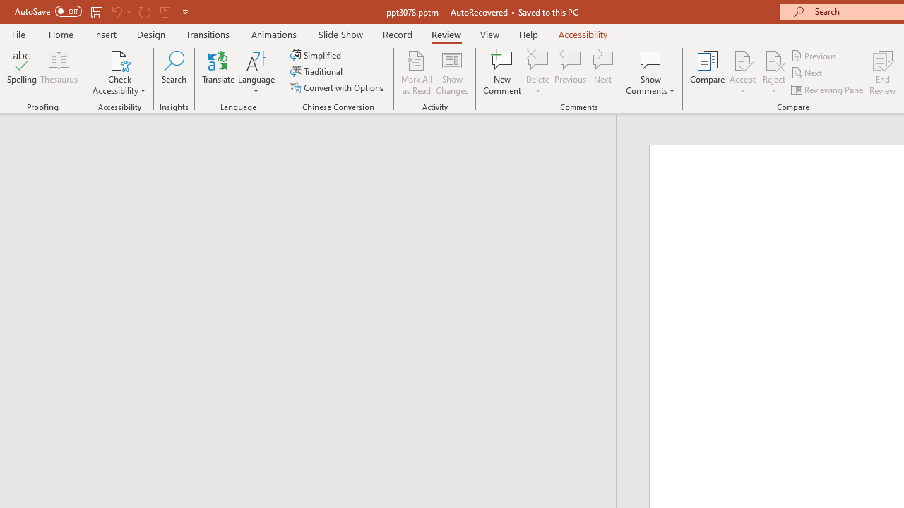 This screenshot has width=904, height=508. What do you see at coordinates (502, 73) in the screenshot?
I see `'New Comment'` at bounding box center [502, 73].